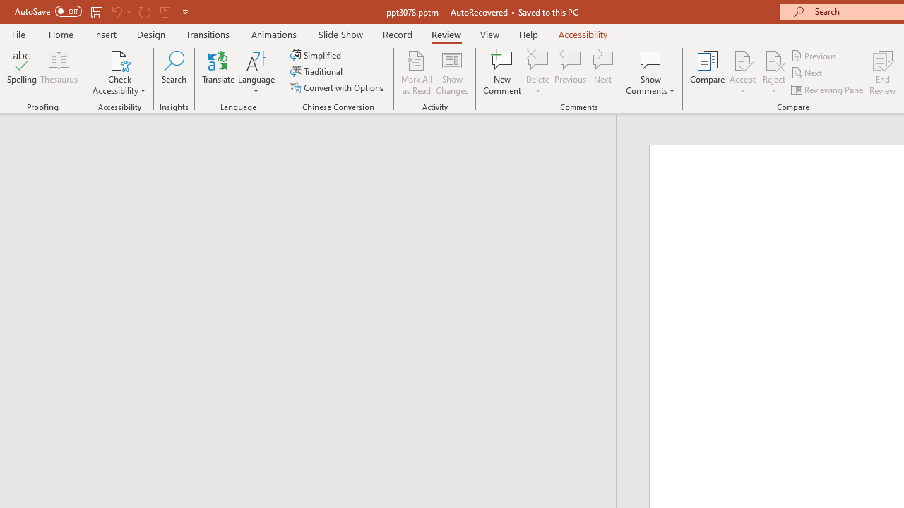 This screenshot has width=904, height=508. What do you see at coordinates (502, 73) in the screenshot?
I see `'New Comment'` at bounding box center [502, 73].